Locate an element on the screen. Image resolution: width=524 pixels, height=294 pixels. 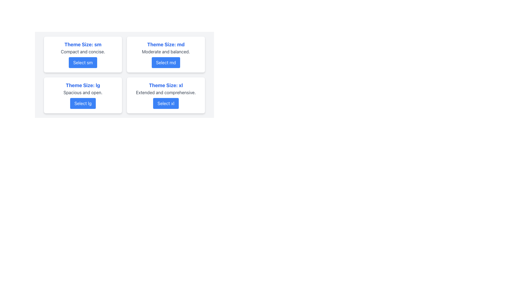
the Card with Button that displays the theme size labeled 'lg' located in the bottom-left position of the grid layout is located at coordinates (82, 95).